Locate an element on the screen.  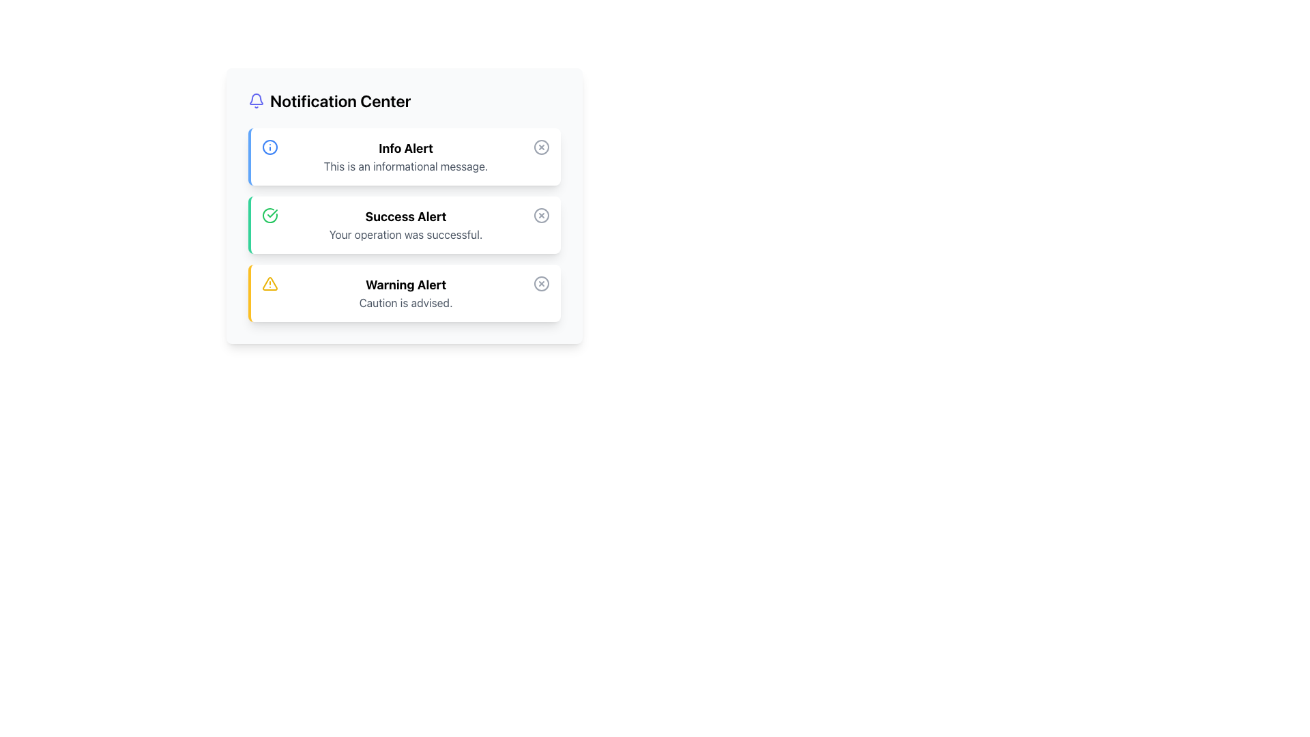
the first SVG Circle of the 'Info Alert' icon is located at coordinates (270, 147).